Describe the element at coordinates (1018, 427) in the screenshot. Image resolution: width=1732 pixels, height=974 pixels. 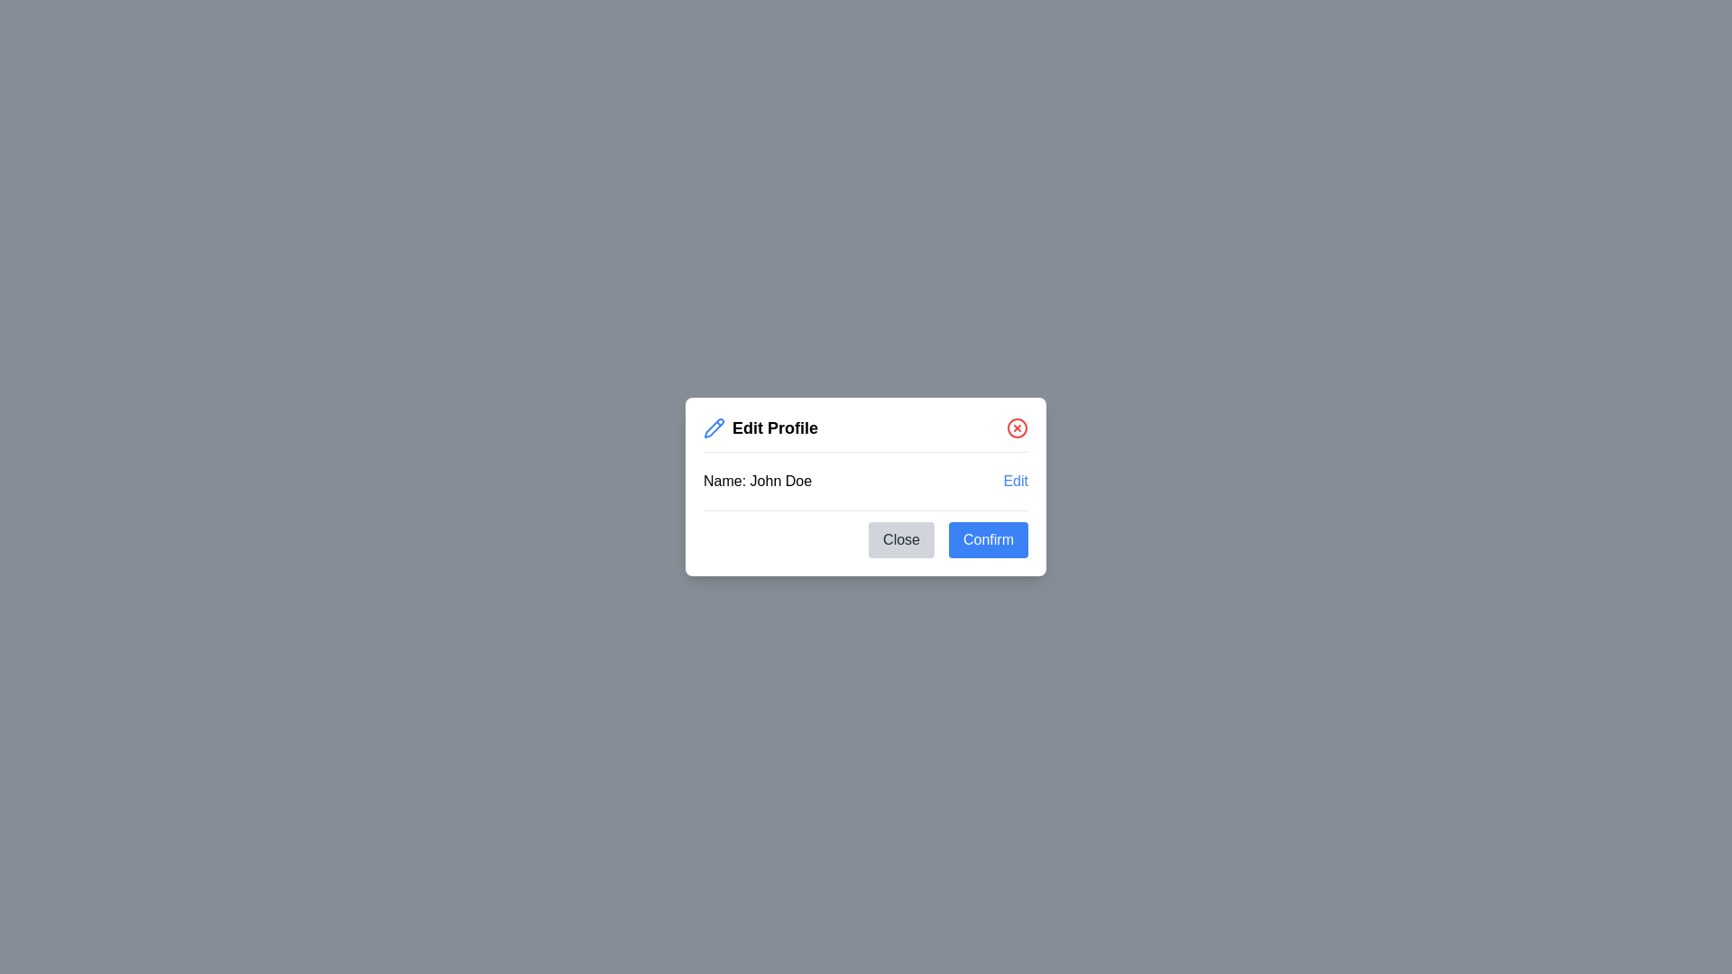
I see `the 'Close' button located in the top-right corner of the 'Edit Profile' modal dialog box` at that location.